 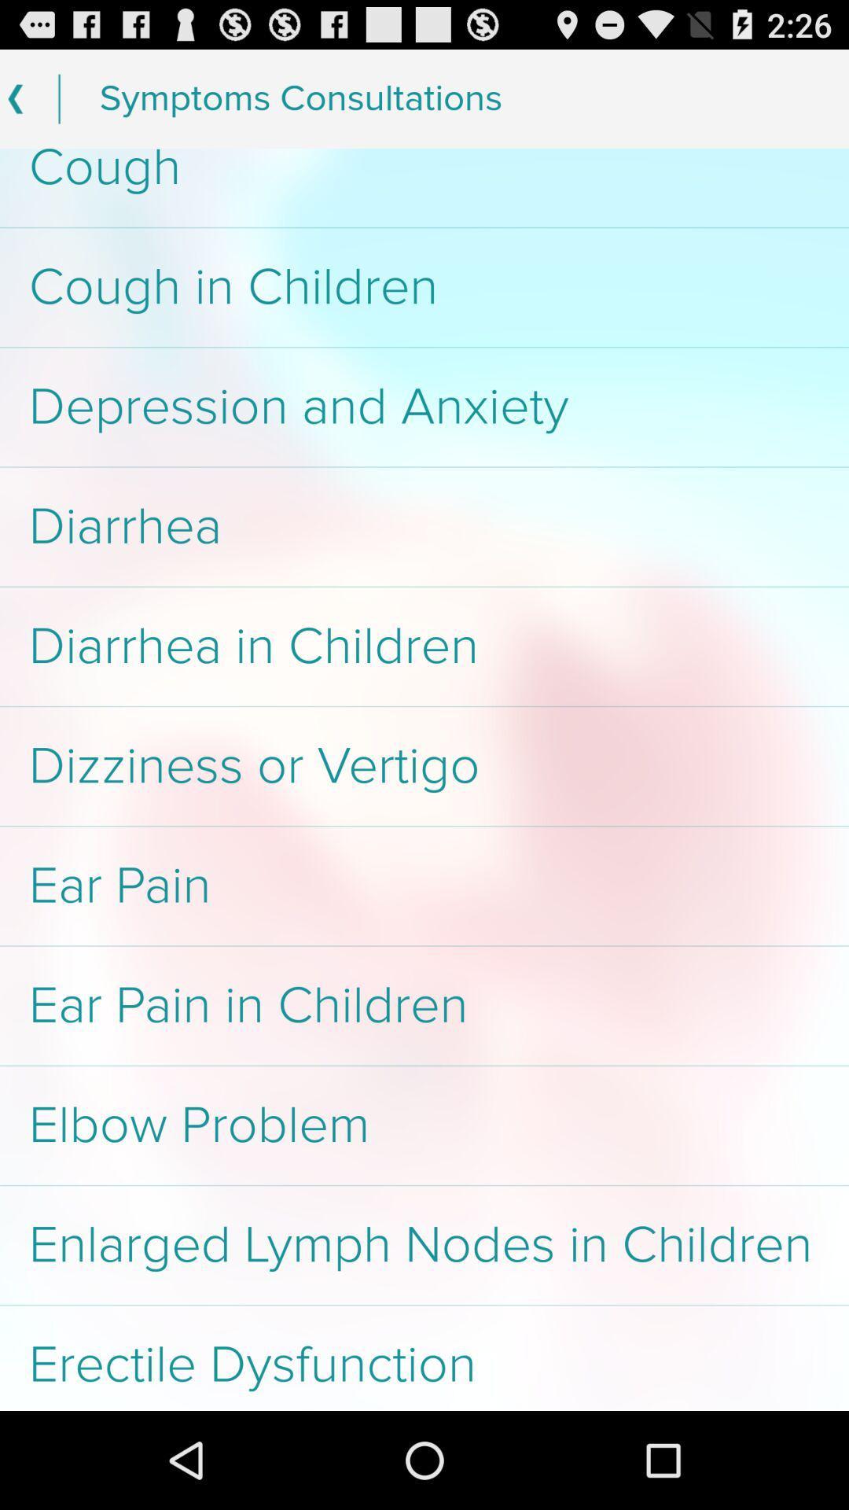 I want to click on the app above the enlarged lymph nodes item, so click(x=424, y=1125).